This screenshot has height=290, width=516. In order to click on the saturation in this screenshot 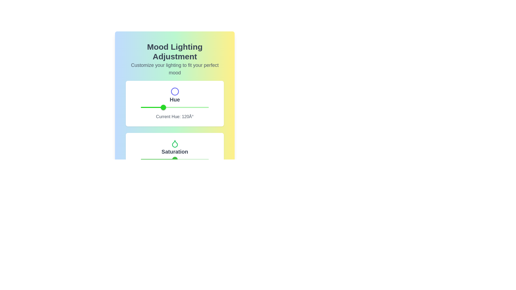, I will do `click(185, 159)`.